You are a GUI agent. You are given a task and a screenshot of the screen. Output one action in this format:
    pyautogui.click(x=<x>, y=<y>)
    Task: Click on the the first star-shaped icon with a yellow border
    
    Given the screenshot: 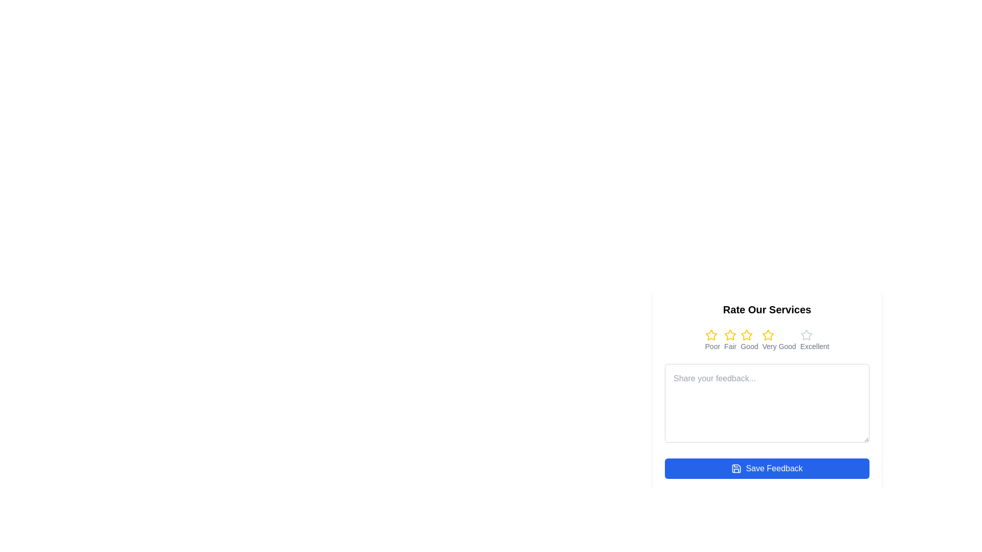 What is the action you would take?
    pyautogui.click(x=710, y=335)
    